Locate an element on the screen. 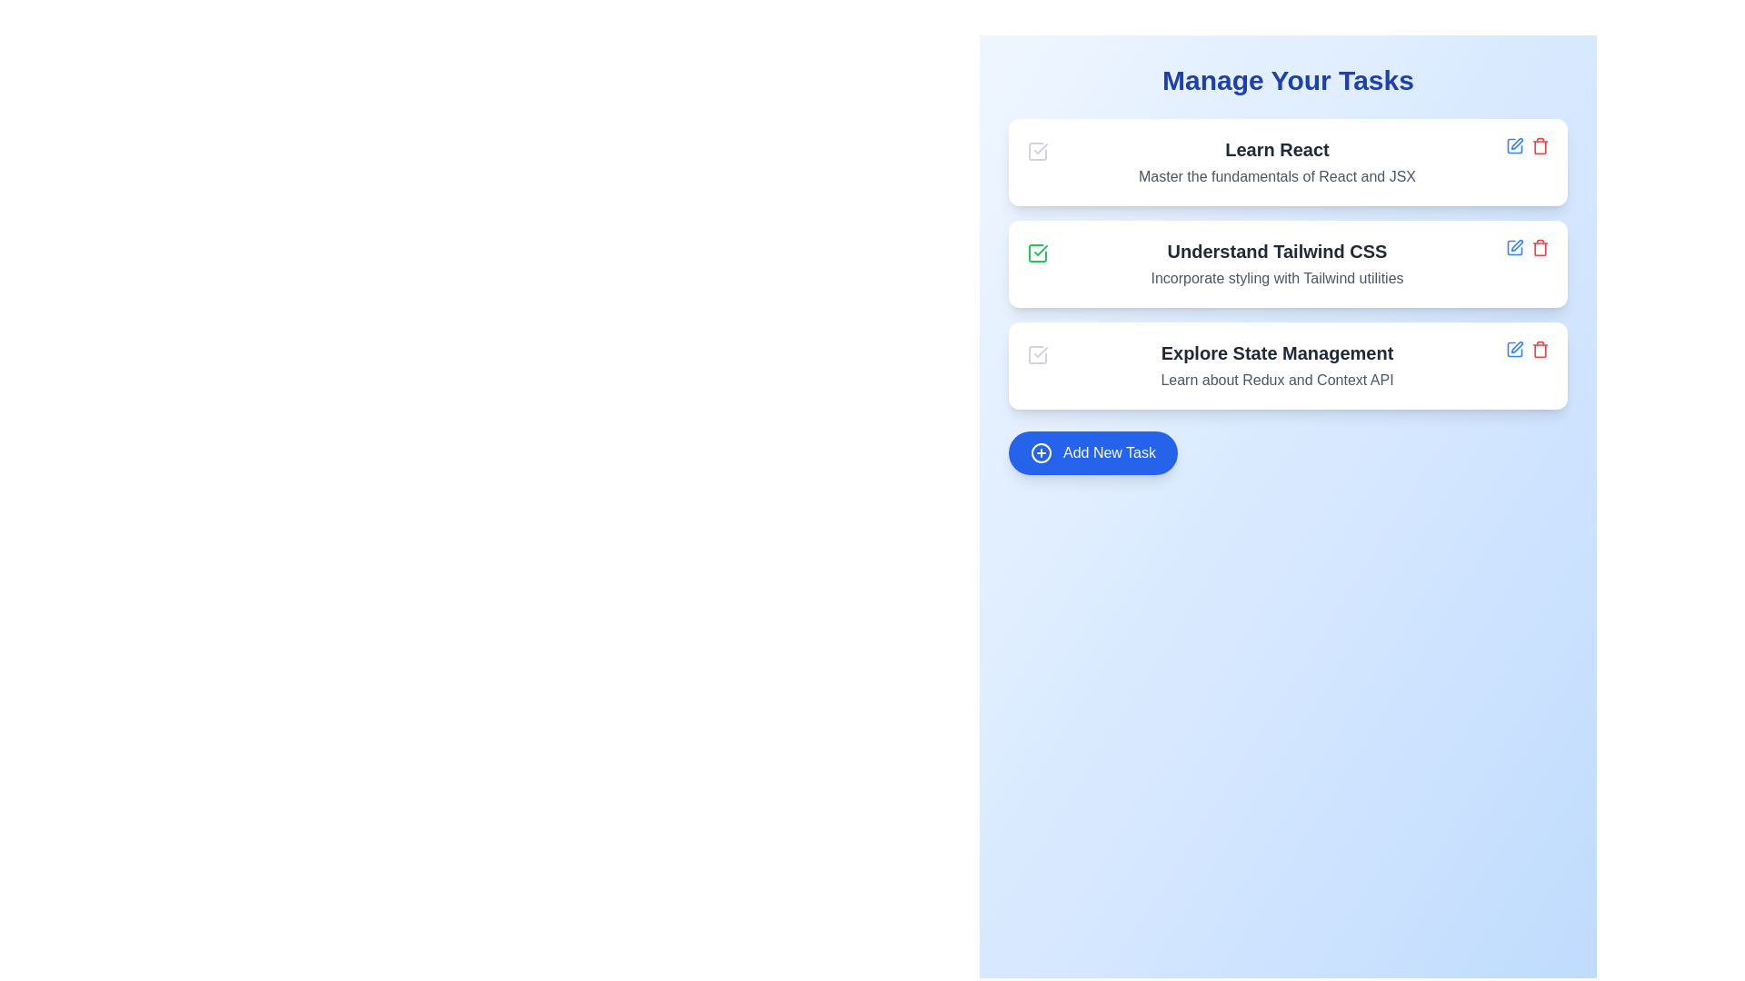  the blue button labeled 'Add New Task' with a '+' icon is located at coordinates (1092, 451).